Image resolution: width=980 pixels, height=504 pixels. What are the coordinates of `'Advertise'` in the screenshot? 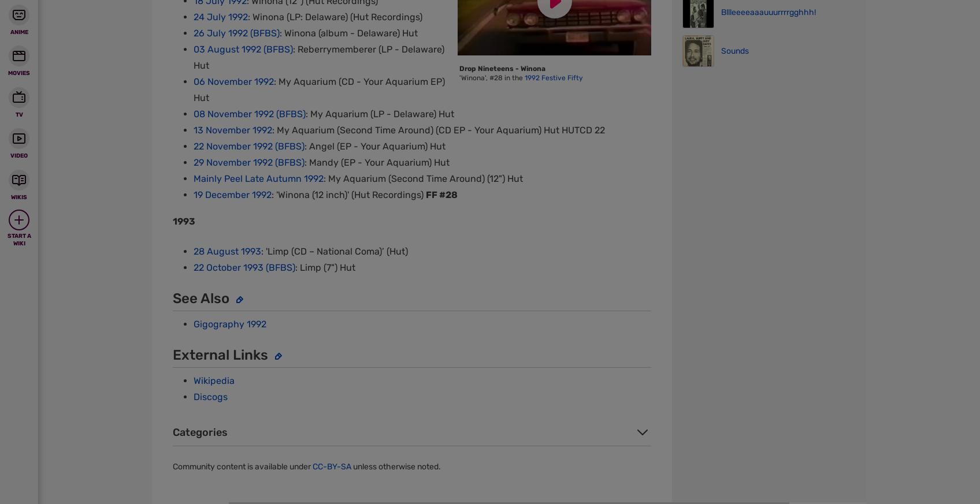 It's located at (534, 45).